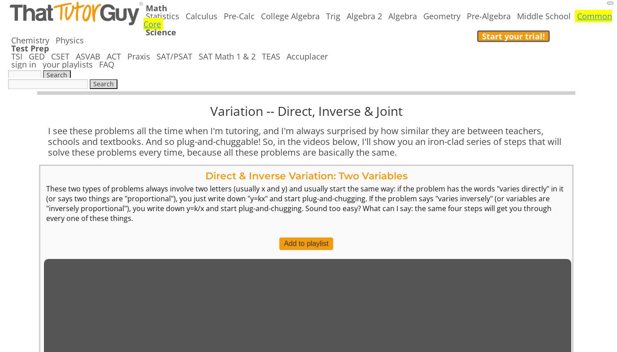 Image resolution: width=617 pixels, height=352 pixels. What do you see at coordinates (209, 110) in the screenshot?
I see `'Variation -- Direct, Inverse & Joint'` at bounding box center [209, 110].